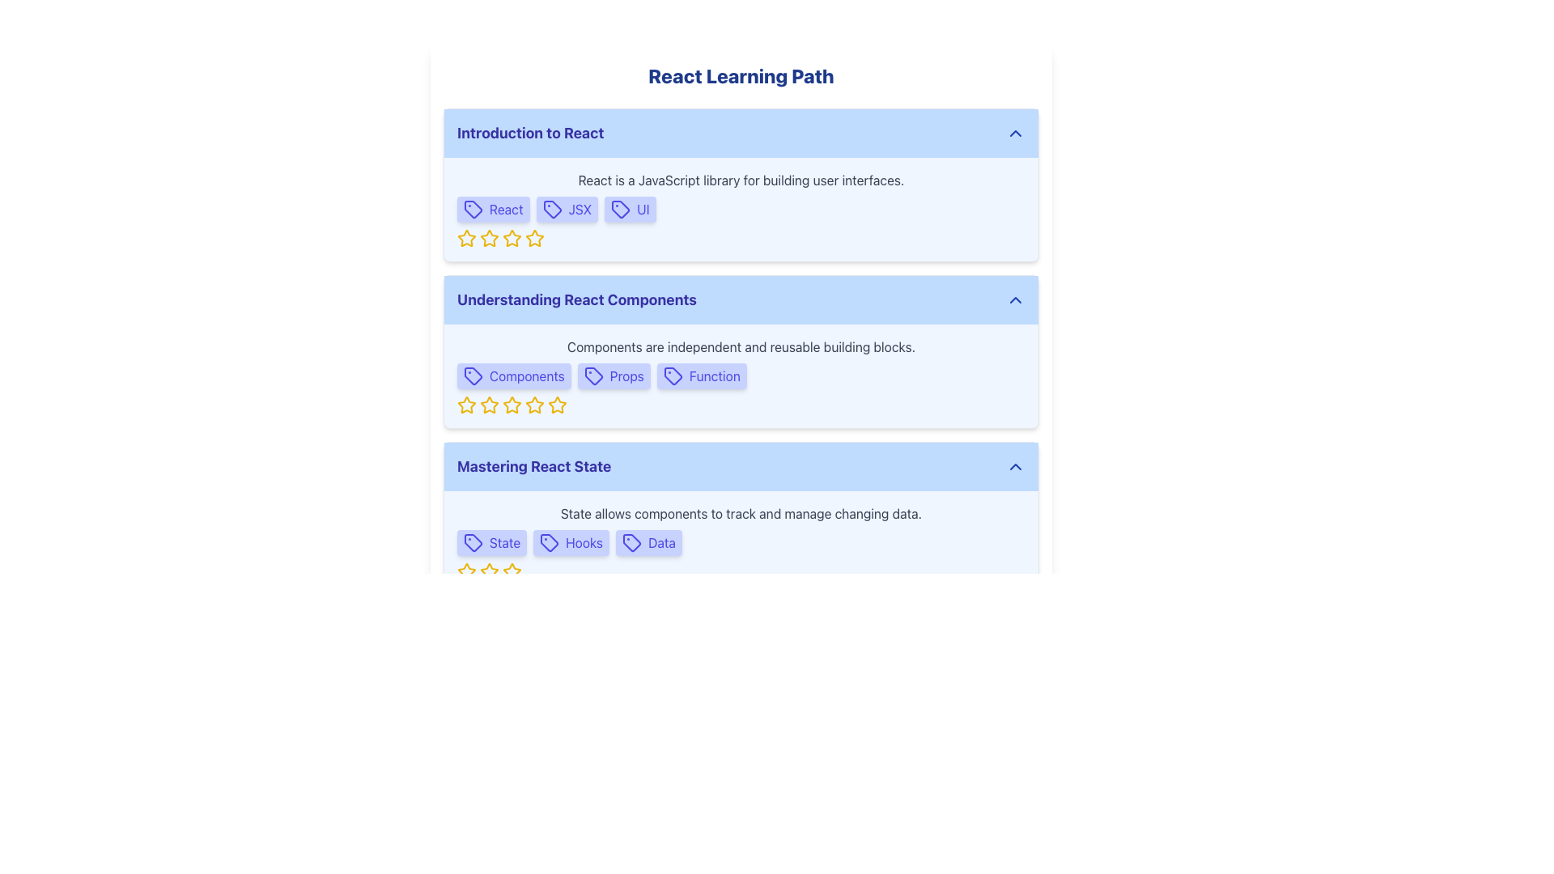 This screenshot has height=874, width=1554. I want to click on the first star in the rating system for the 'Understanding React Components' section, so click(465, 404).